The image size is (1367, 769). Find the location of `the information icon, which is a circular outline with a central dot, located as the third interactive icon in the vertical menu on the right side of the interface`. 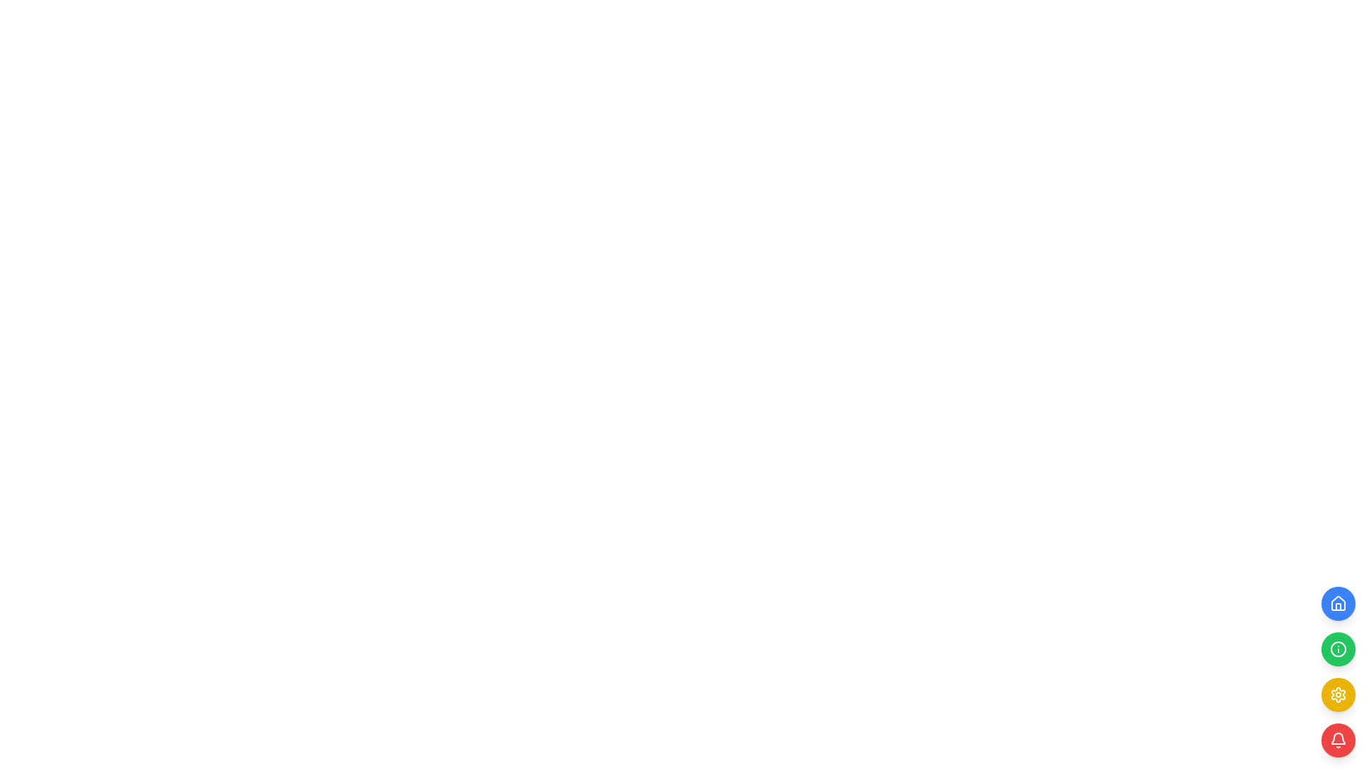

the information icon, which is a circular outline with a central dot, located as the third interactive icon in the vertical menu on the right side of the interface is located at coordinates (1338, 649).